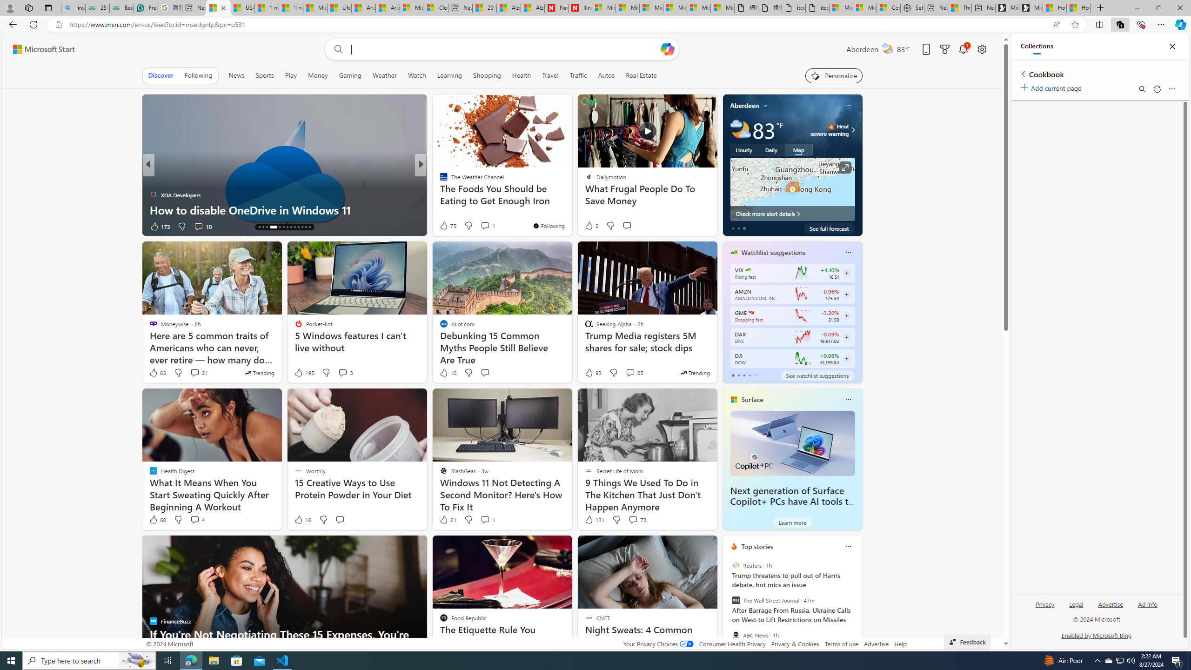  What do you see at coordinates (290, 227) in the screenshot?
I see `'AutomationID: tab-21'` at bounding box center [290, 227].